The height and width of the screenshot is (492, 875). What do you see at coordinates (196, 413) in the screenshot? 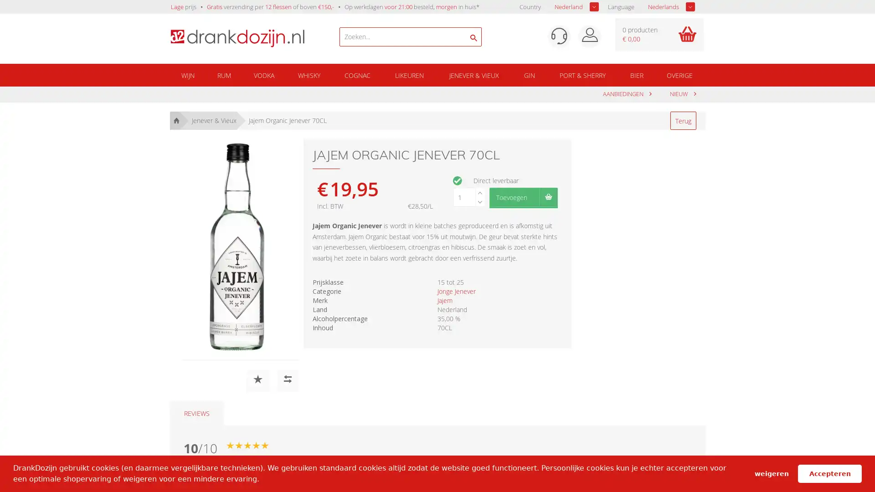
I see `REVIEWS` at bounding box center [196, 413].